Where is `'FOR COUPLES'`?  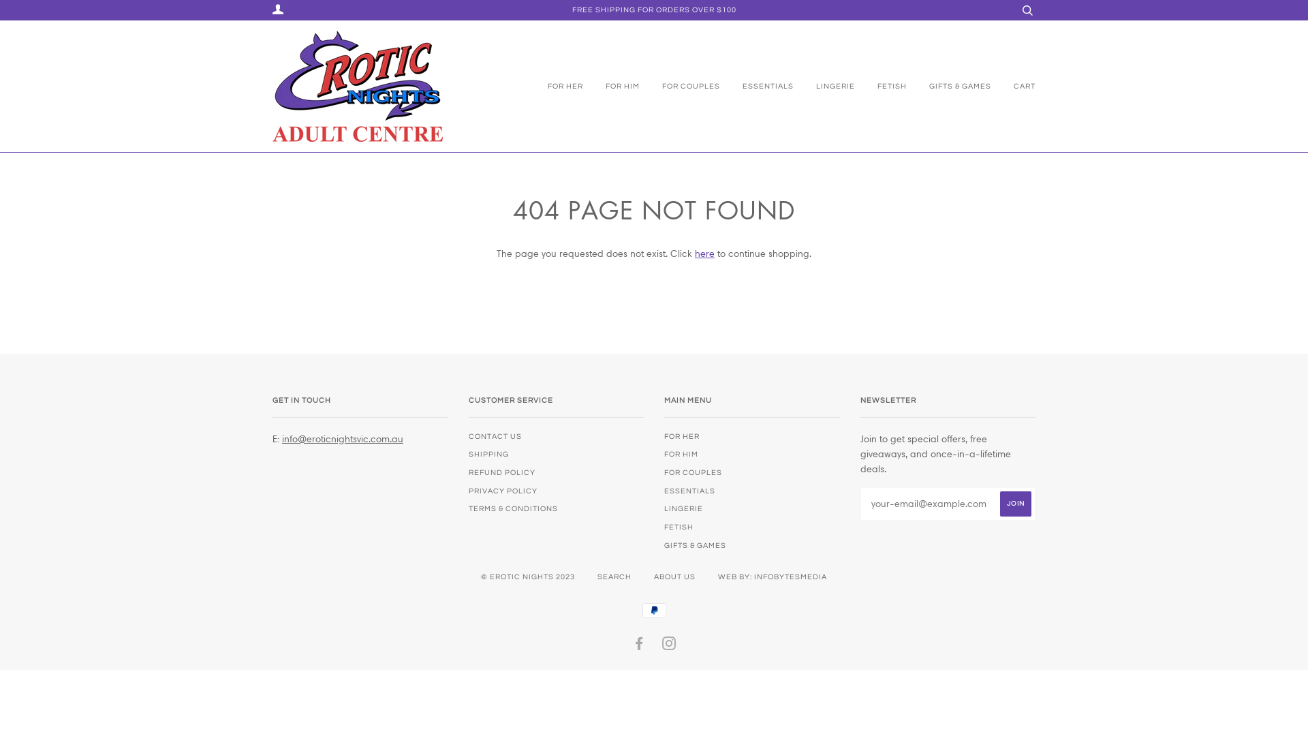 'FOR COUPLES' is located at coordinates (693, 472).